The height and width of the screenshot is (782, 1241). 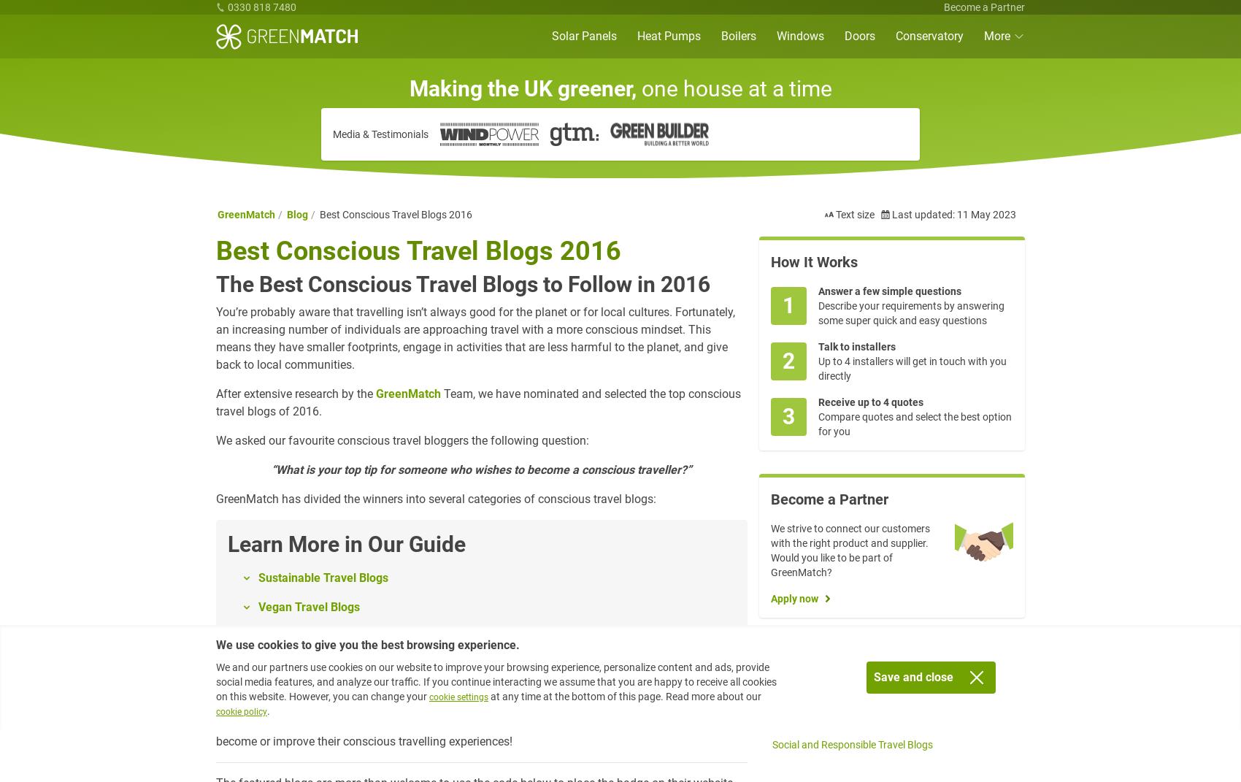 I want to click on 'We use cookies to give you the best browsing experience.', so click(x=368, y=645).